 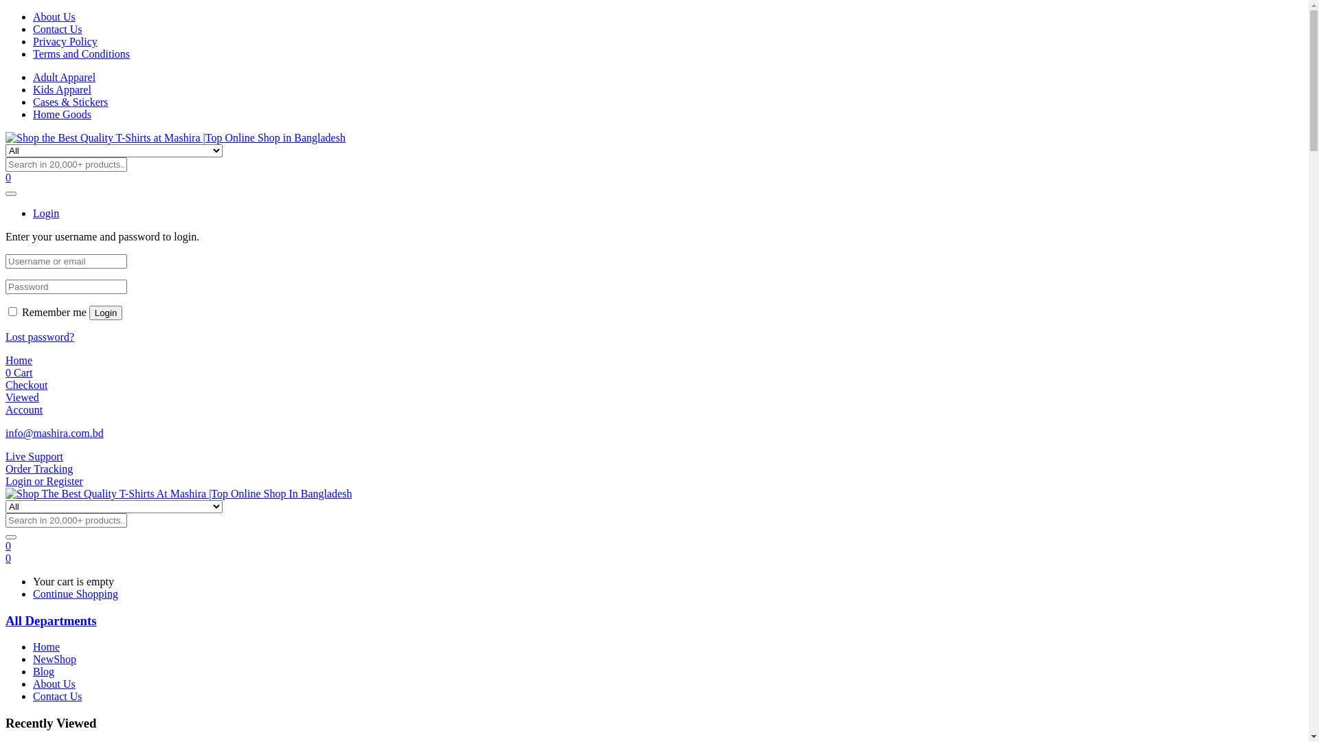 I want to click on 'Live Support', so click(x=34, y=456).